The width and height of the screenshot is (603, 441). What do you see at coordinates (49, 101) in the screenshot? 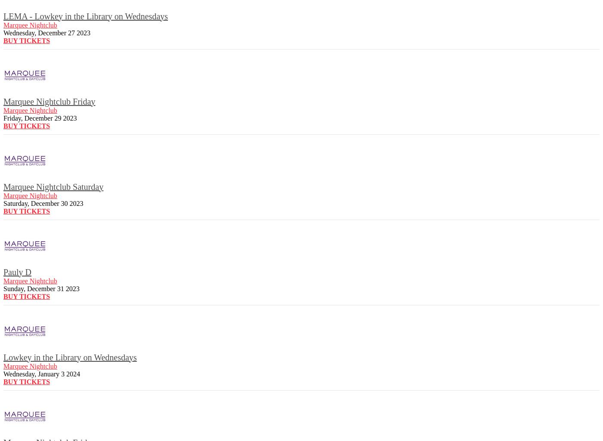
I see `'Marquee Nightclub Friday'` at bounding box center [49, 101].